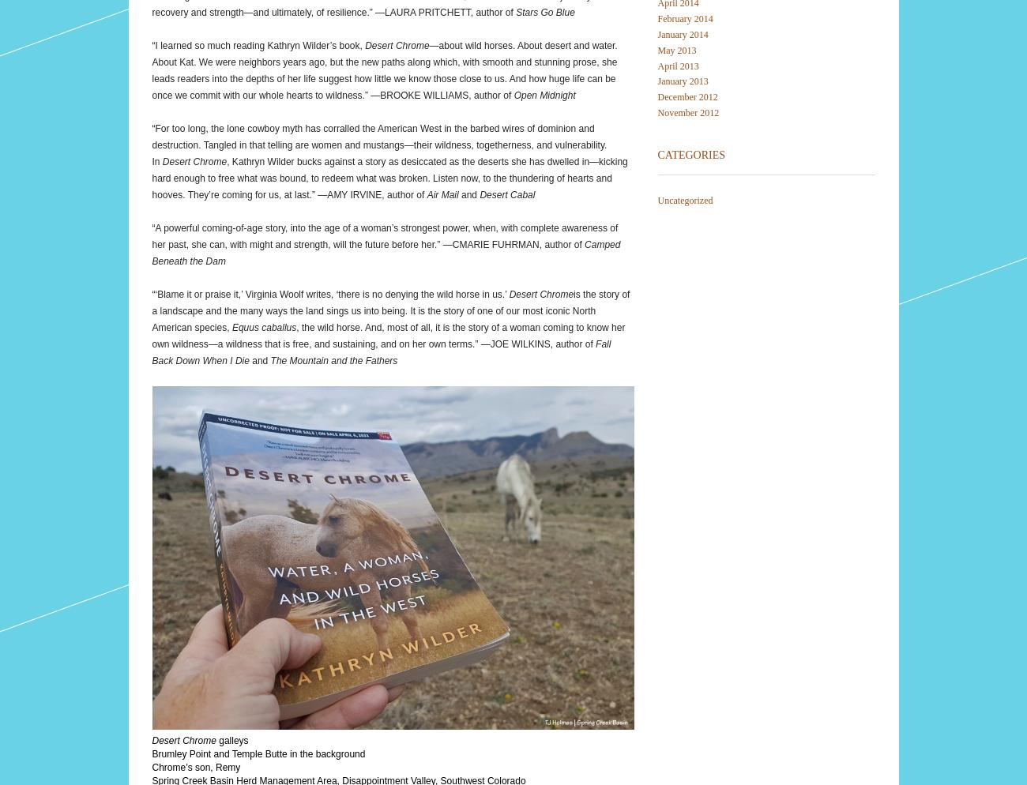 This screenshot has height=785, width=1027. What do you see at coordinates (686, 96) in the screenshot?
I see `'December 2012'` at bounding box center [686, 96].